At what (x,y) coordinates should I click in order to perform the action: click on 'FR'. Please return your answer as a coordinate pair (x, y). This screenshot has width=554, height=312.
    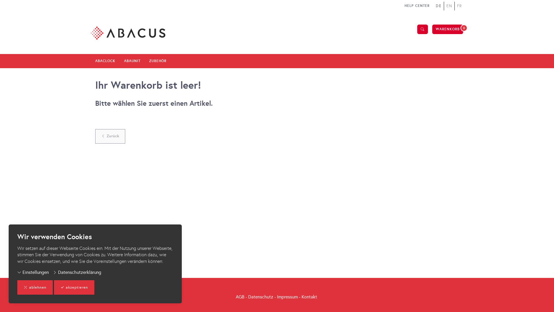
    Looking at the image, I should click on (458, 6).